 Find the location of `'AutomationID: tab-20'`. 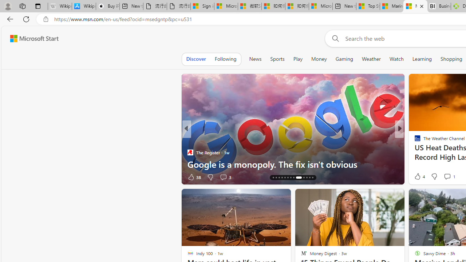

'AutomationID: tab-20' is located at coordinates (290, 178).